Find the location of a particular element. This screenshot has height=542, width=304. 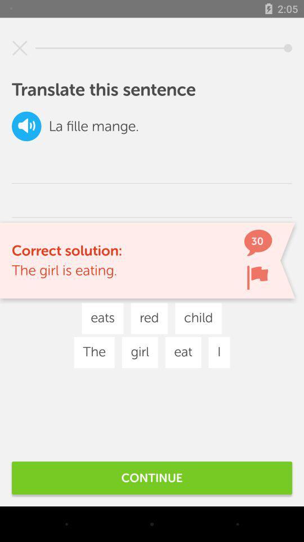

the volume icon is located at coordinates (26, 126).